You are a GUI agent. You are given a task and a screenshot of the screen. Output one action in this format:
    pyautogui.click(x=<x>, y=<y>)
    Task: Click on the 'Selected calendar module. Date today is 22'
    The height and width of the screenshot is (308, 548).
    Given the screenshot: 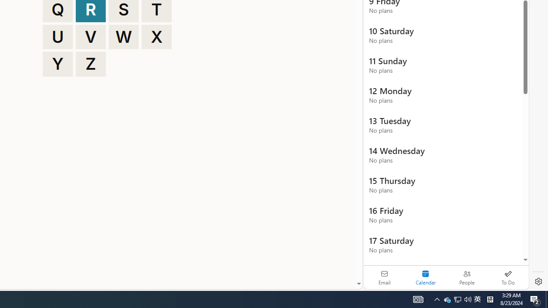 What is the action you would take?
    pyautogui.click(x=426, y=277)
    